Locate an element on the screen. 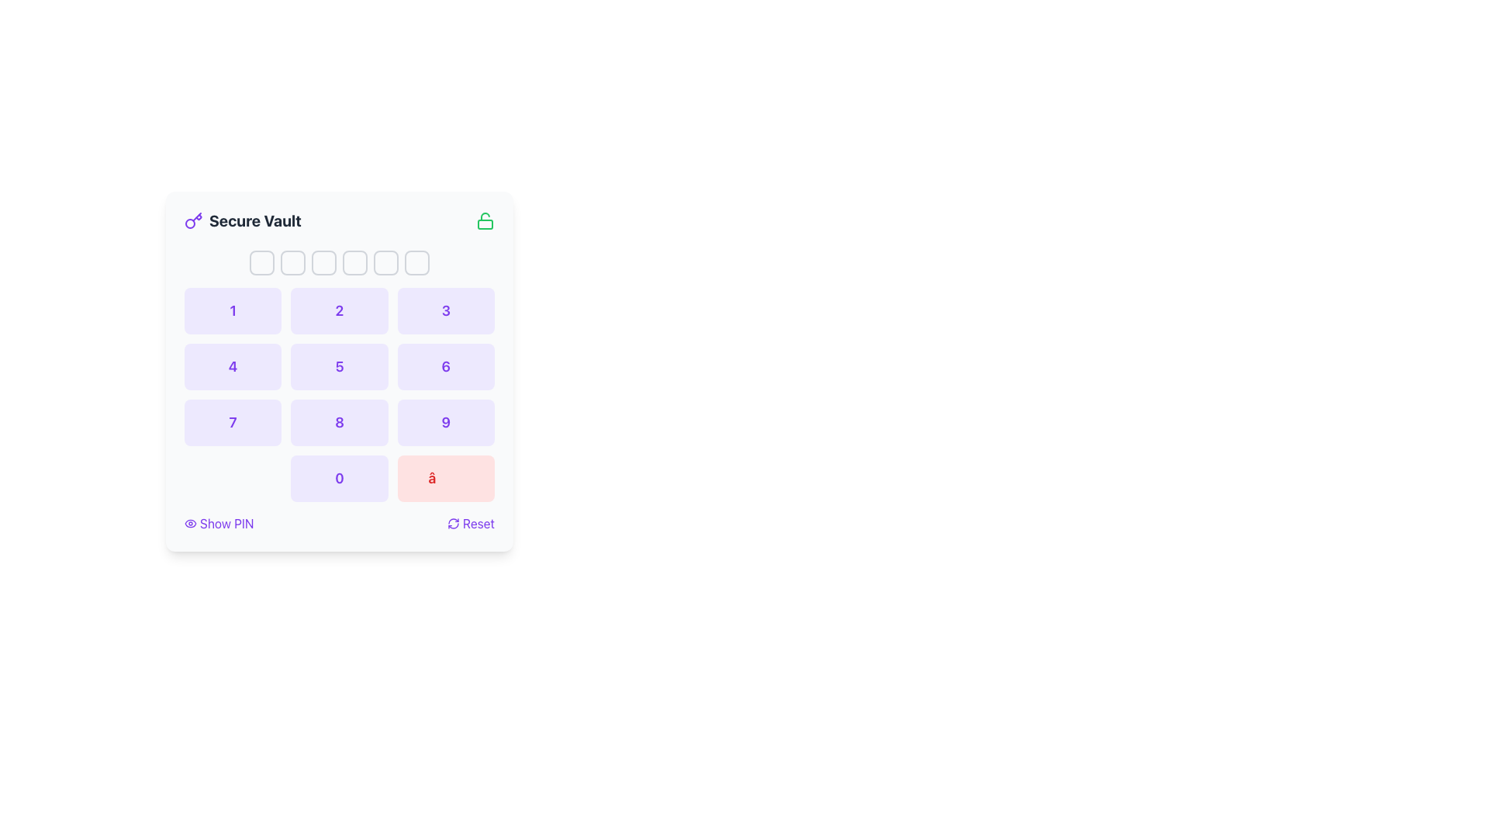 The image size is (1489, 838). the button representing the numeric value '1' located in the first row and first column of the keypad interface in the 'Secure Vault' section to input the numeric value '1' is located at coordinates (232, 311).